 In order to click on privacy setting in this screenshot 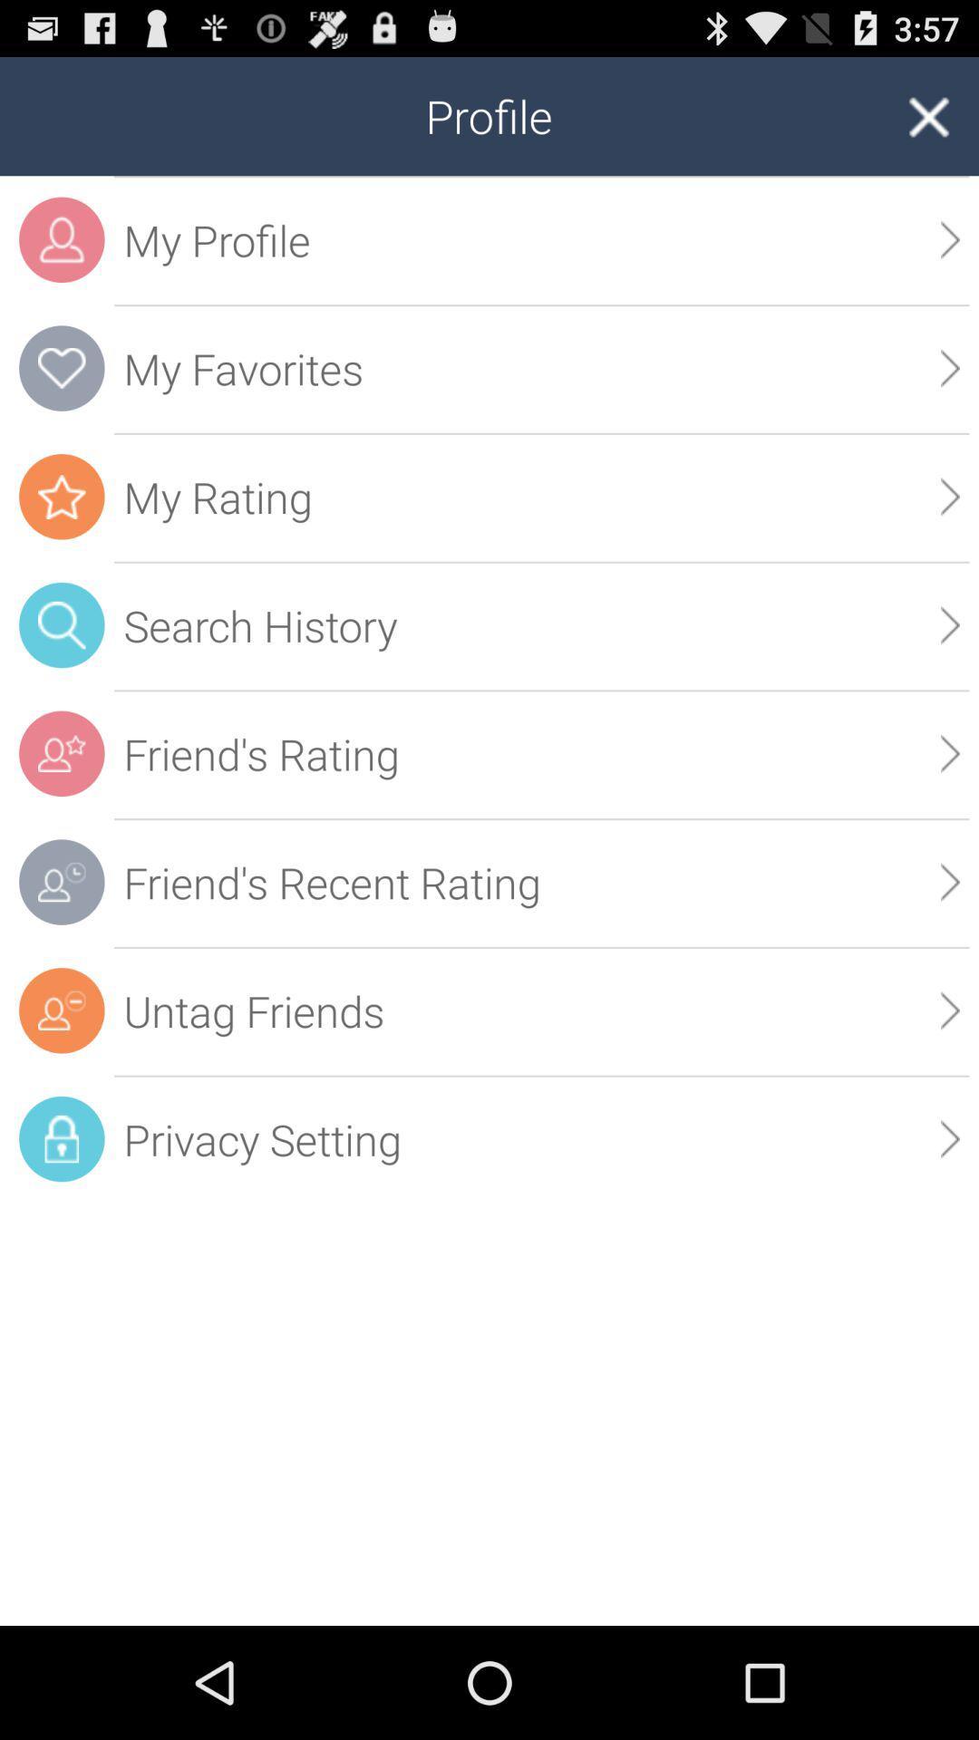, I will do `click(540, 1138)`.